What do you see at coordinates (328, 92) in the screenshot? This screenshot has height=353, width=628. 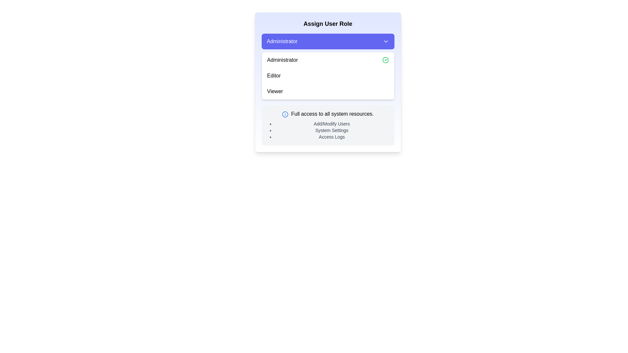 I see `the 'Viewer' option in the 'Assign User Role' dropdown list` at bounding box center [328, 92].